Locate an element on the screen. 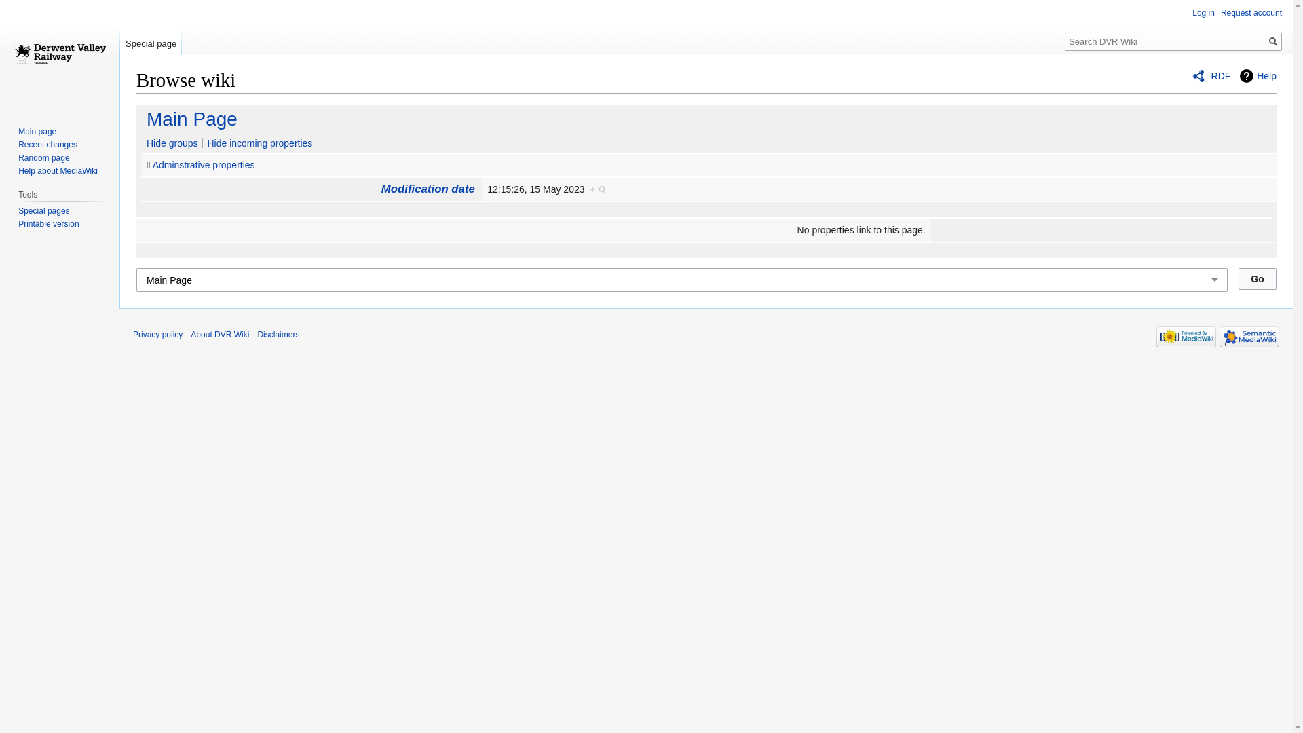 Image resolution: width=1303 pixels, height=733 pixels. 'About DVR Wiki' is located at coordinates (220, 335).